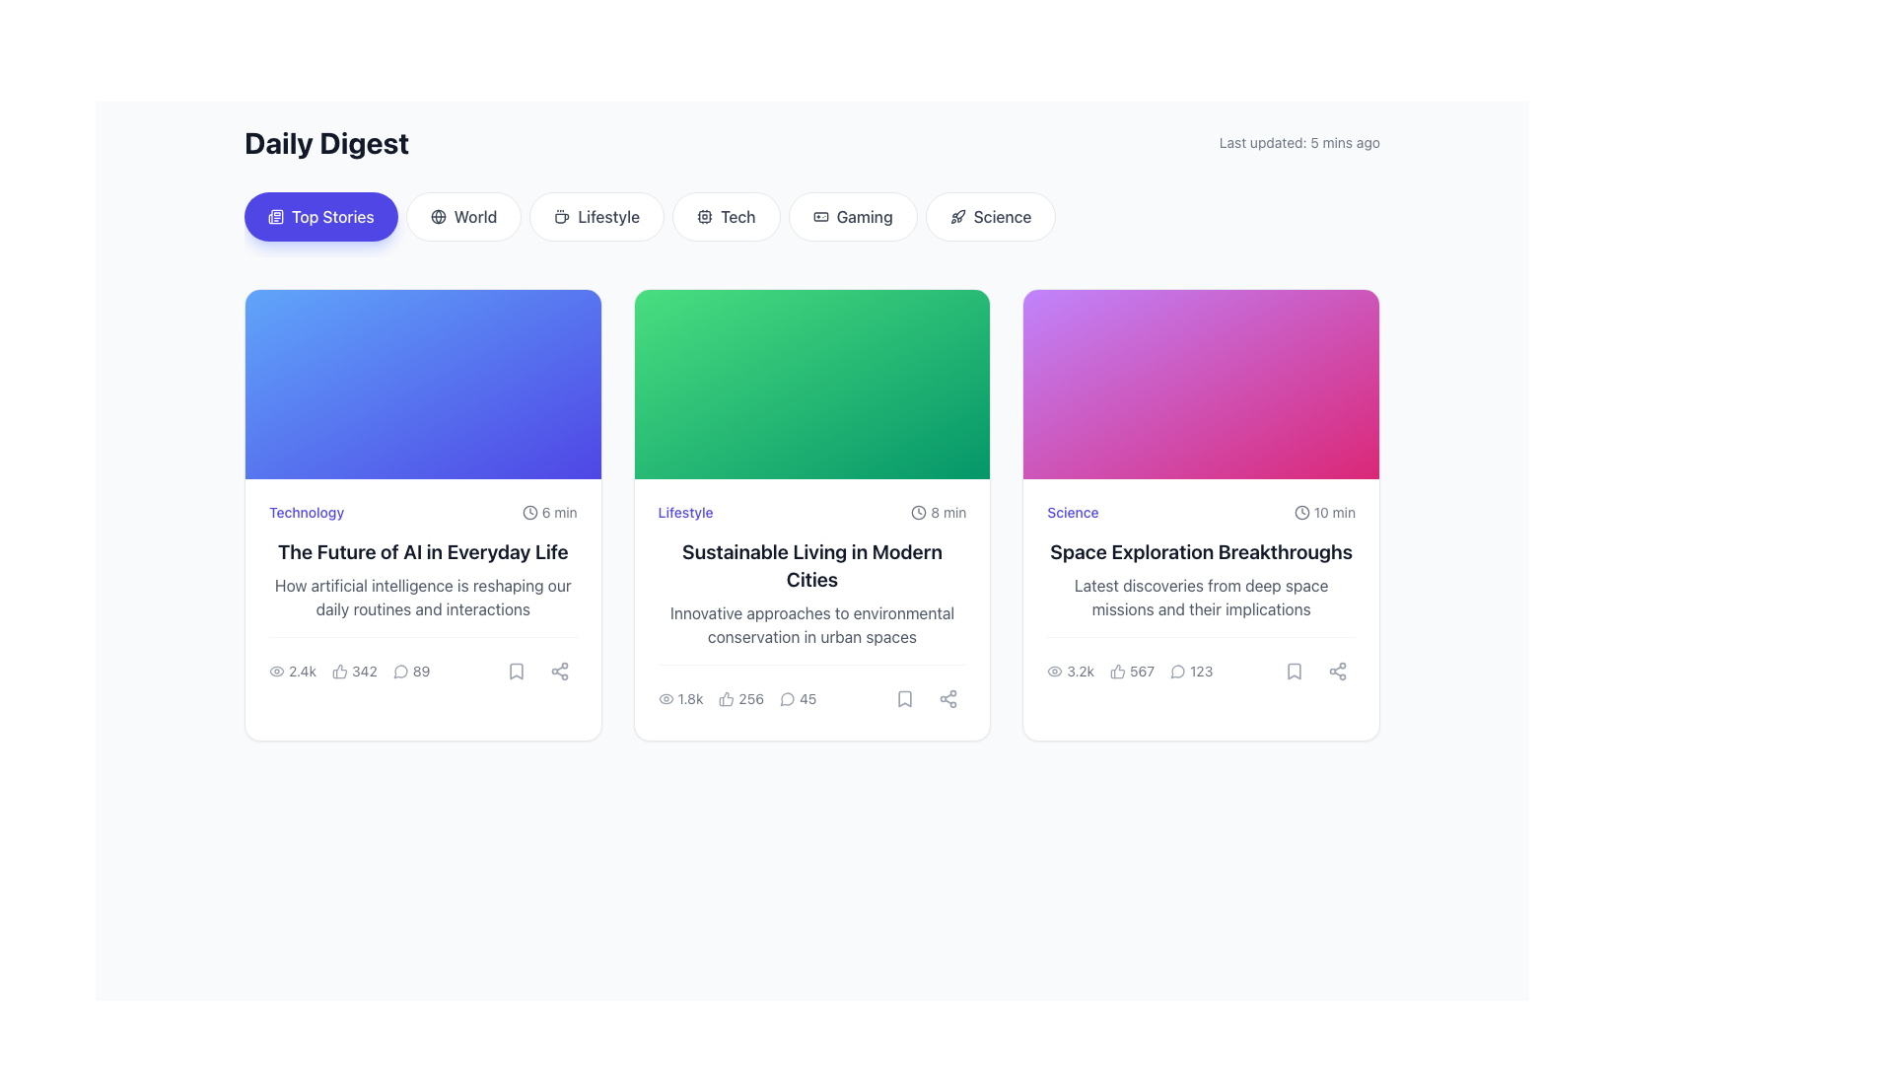 Image resolution: width=1893 pixels, height=1065 pixels. Describe the element at coordinates (798, 698) in the screenshot. I see `the icon and number '45' displayed in gray font next to a speech bubble icon, located in the bottom section of the middle card related to the 'Sustainable Living in Modern Cities' article` at that location.